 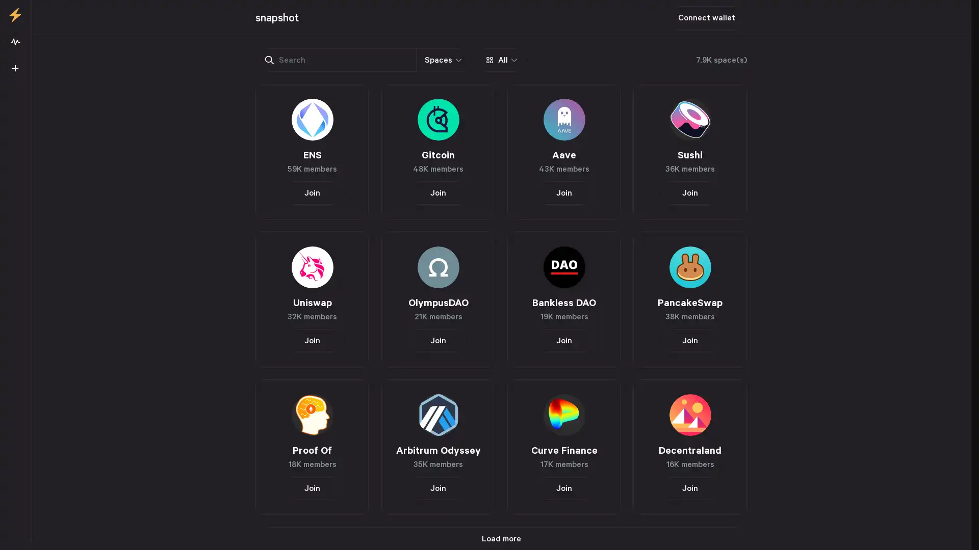 I want to click on Join, so click(x=311, y=193).